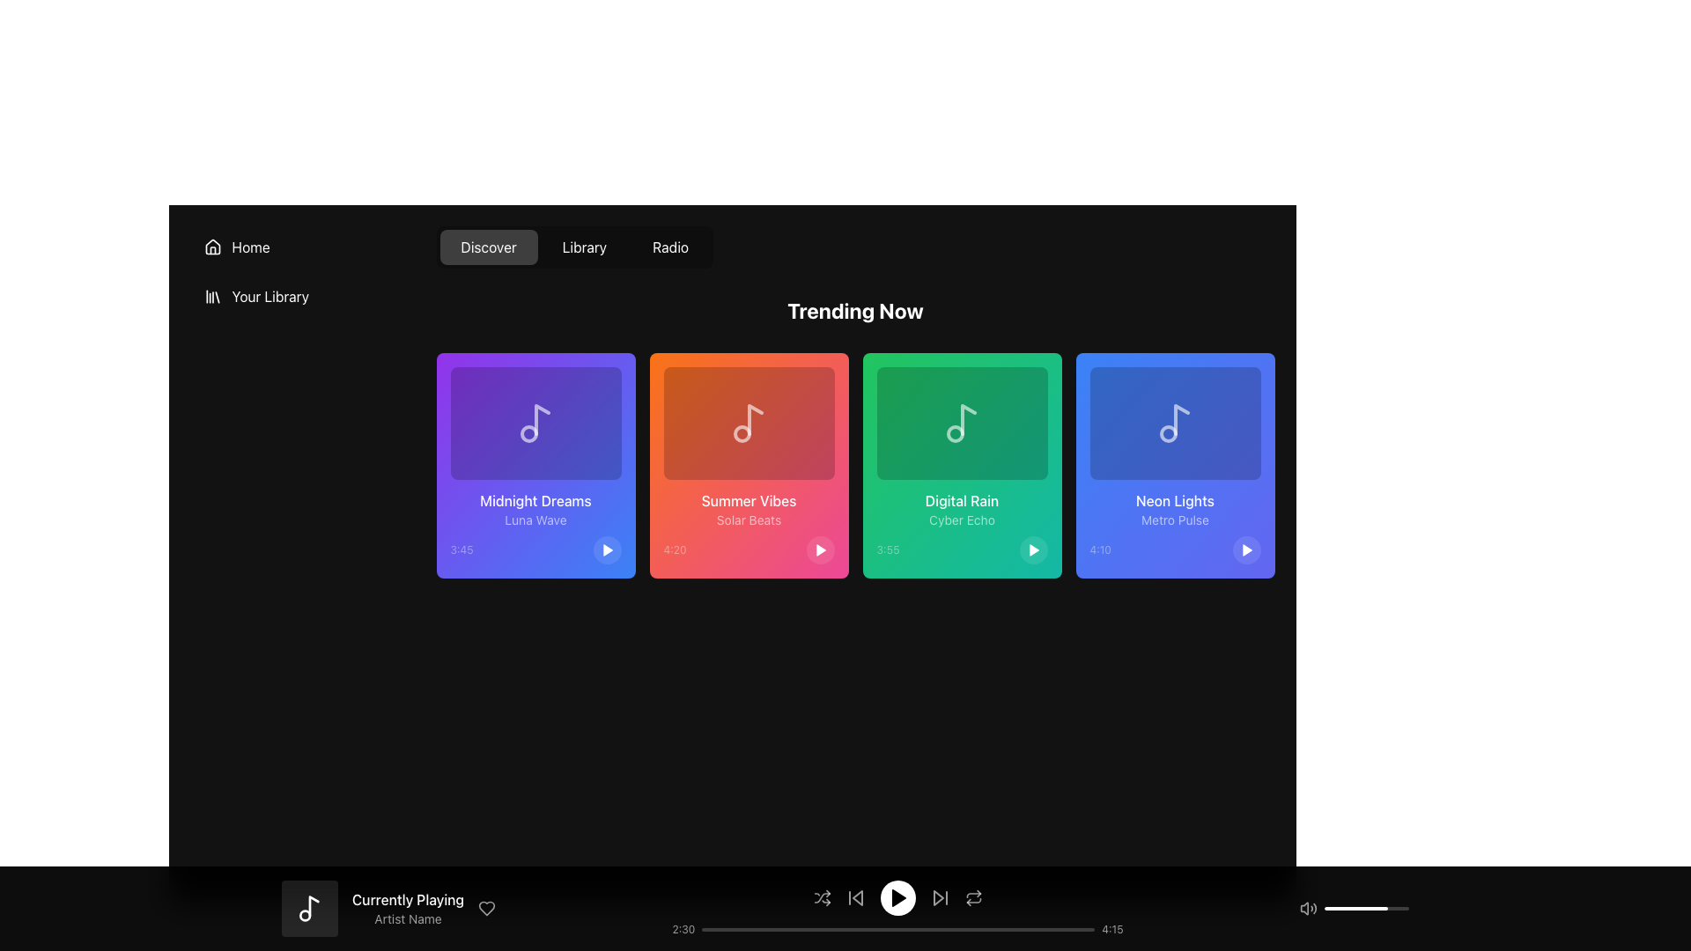 This screenshot has width=1691, height=951. Describe the element at coordinates (1175, 424) in the screenshot. I see `the musical track icon in the rightmost card of the 'Trending Now' section, which features a blue gradient background and the text 'Neon Lights' and 'Metro Pulse' below it` at that location.